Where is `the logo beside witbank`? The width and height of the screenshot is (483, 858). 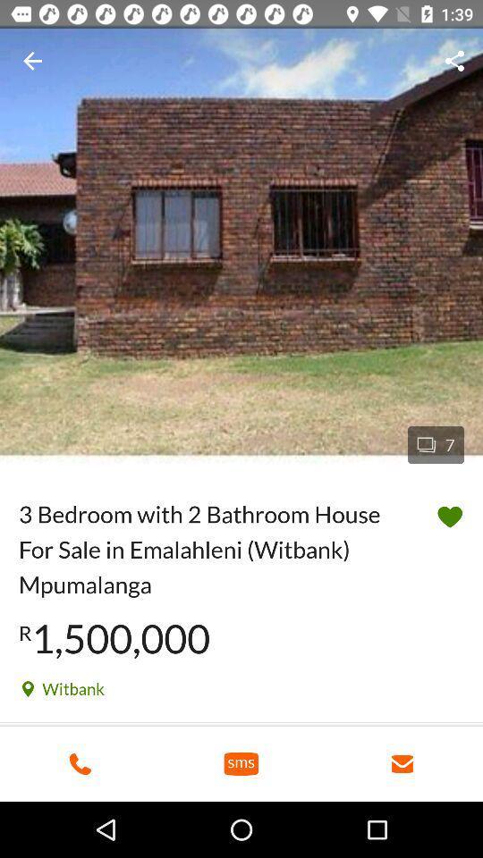
the logo beside witbank is located at coordinates (27, 688).